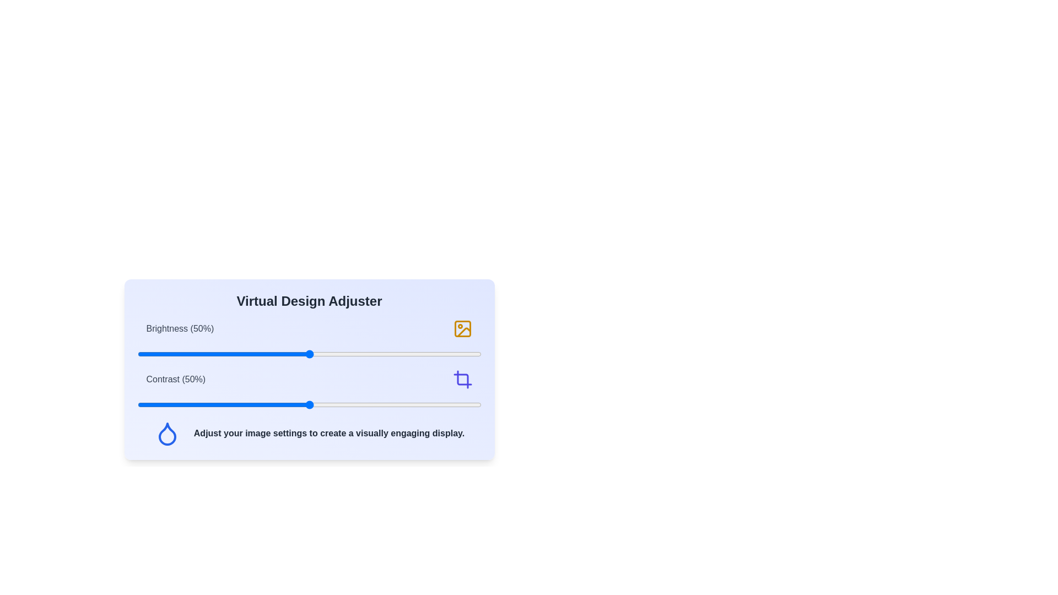 This screenshot has height=595, width=1058. I want to click on the contrast slider to set the contrast level to 25, so click(223, 405).